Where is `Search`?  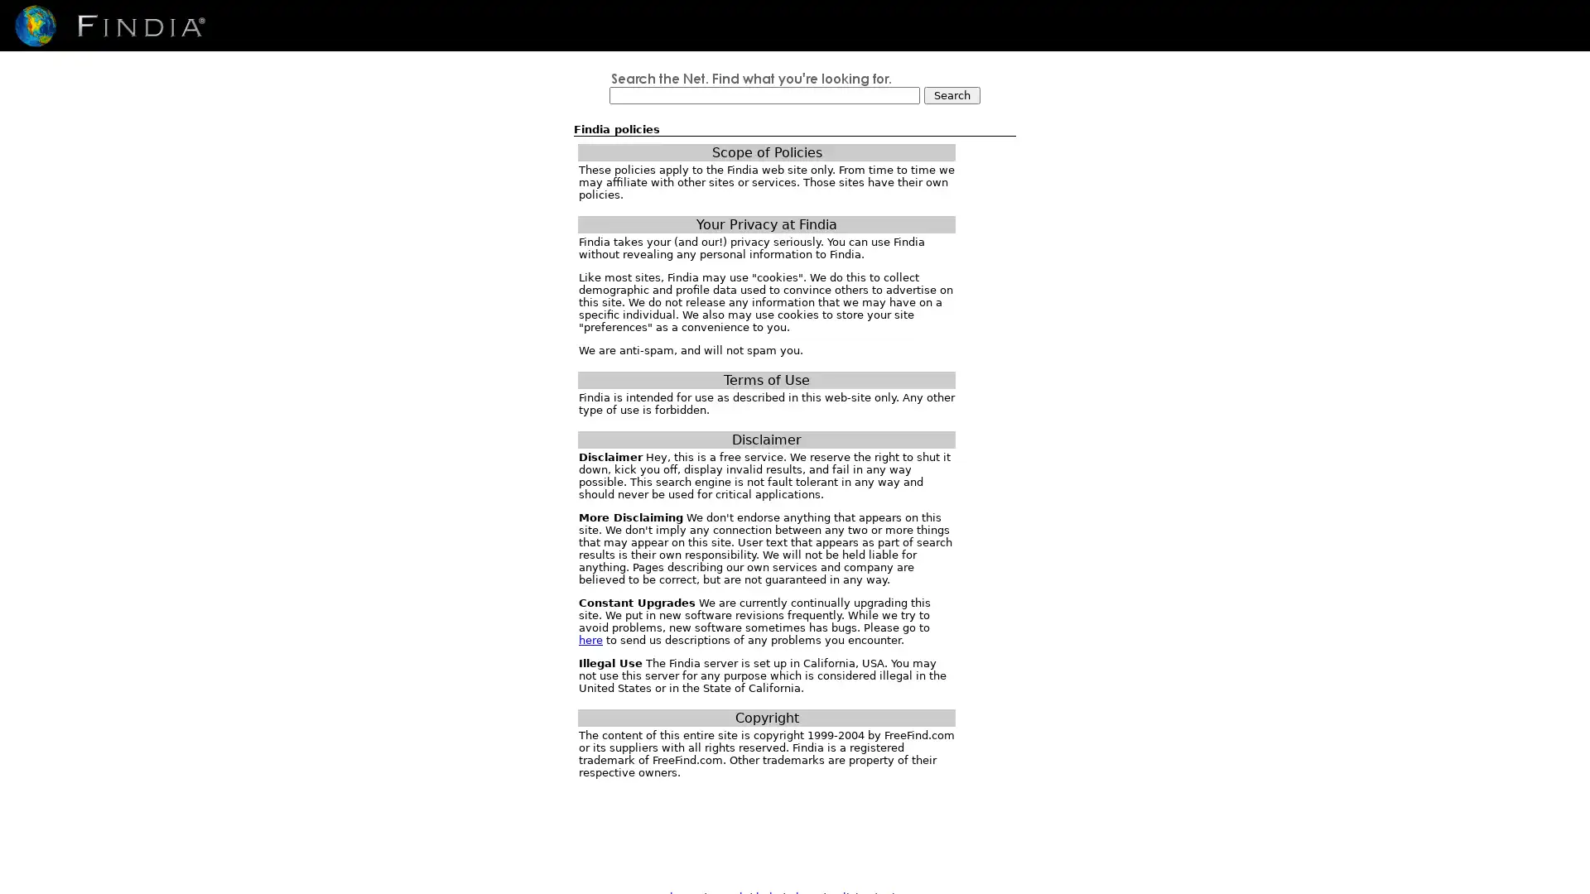 Search is located at coordinates (952, 95).